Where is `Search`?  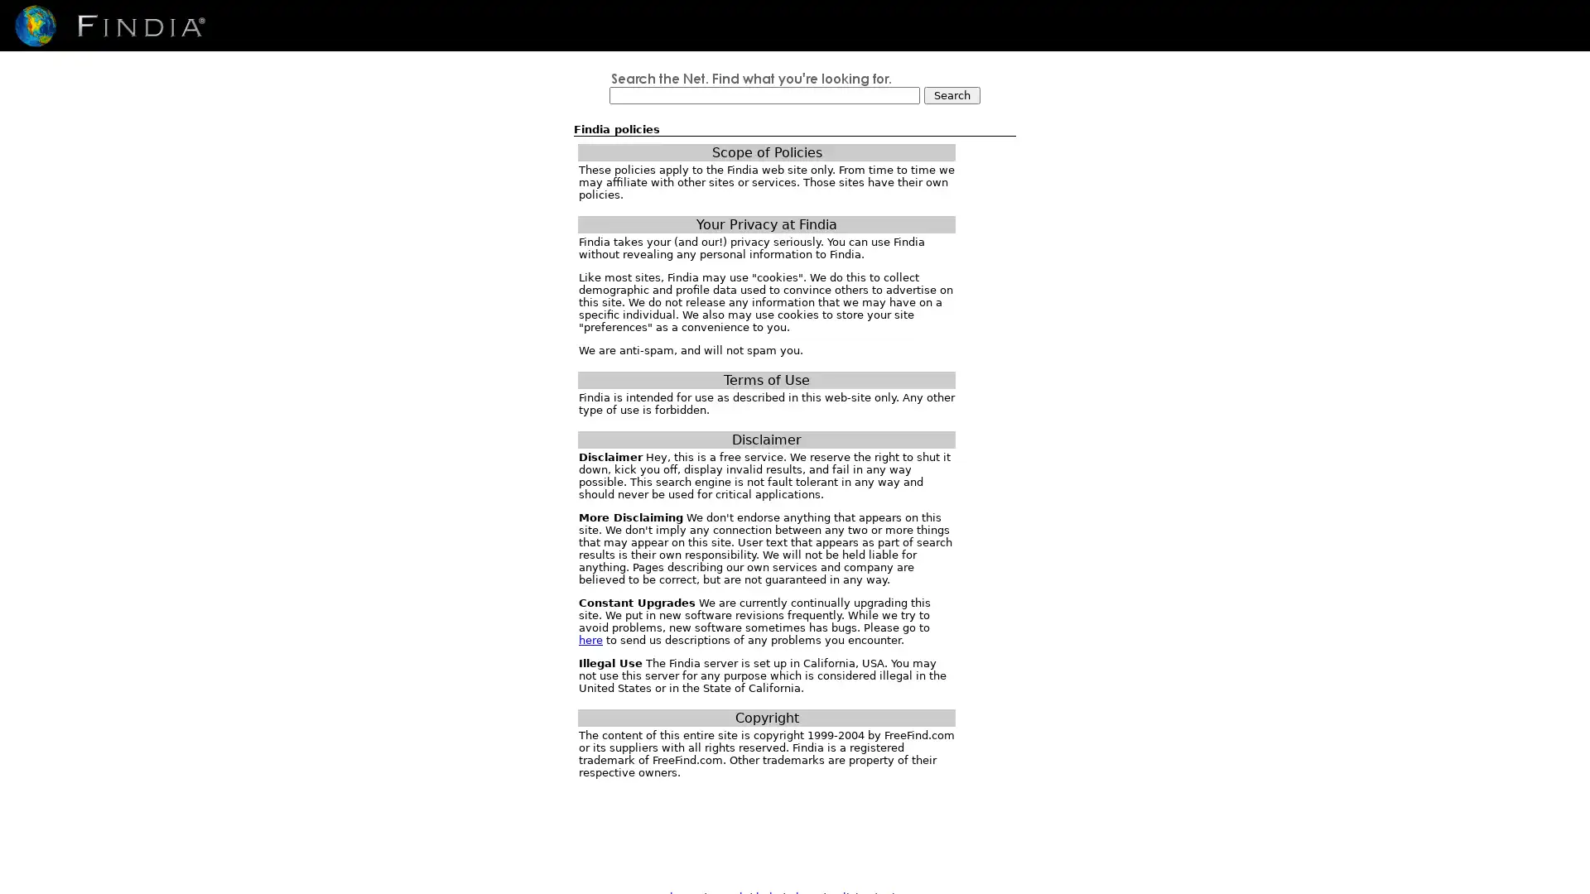 Search is located at coordinates (952, 95).